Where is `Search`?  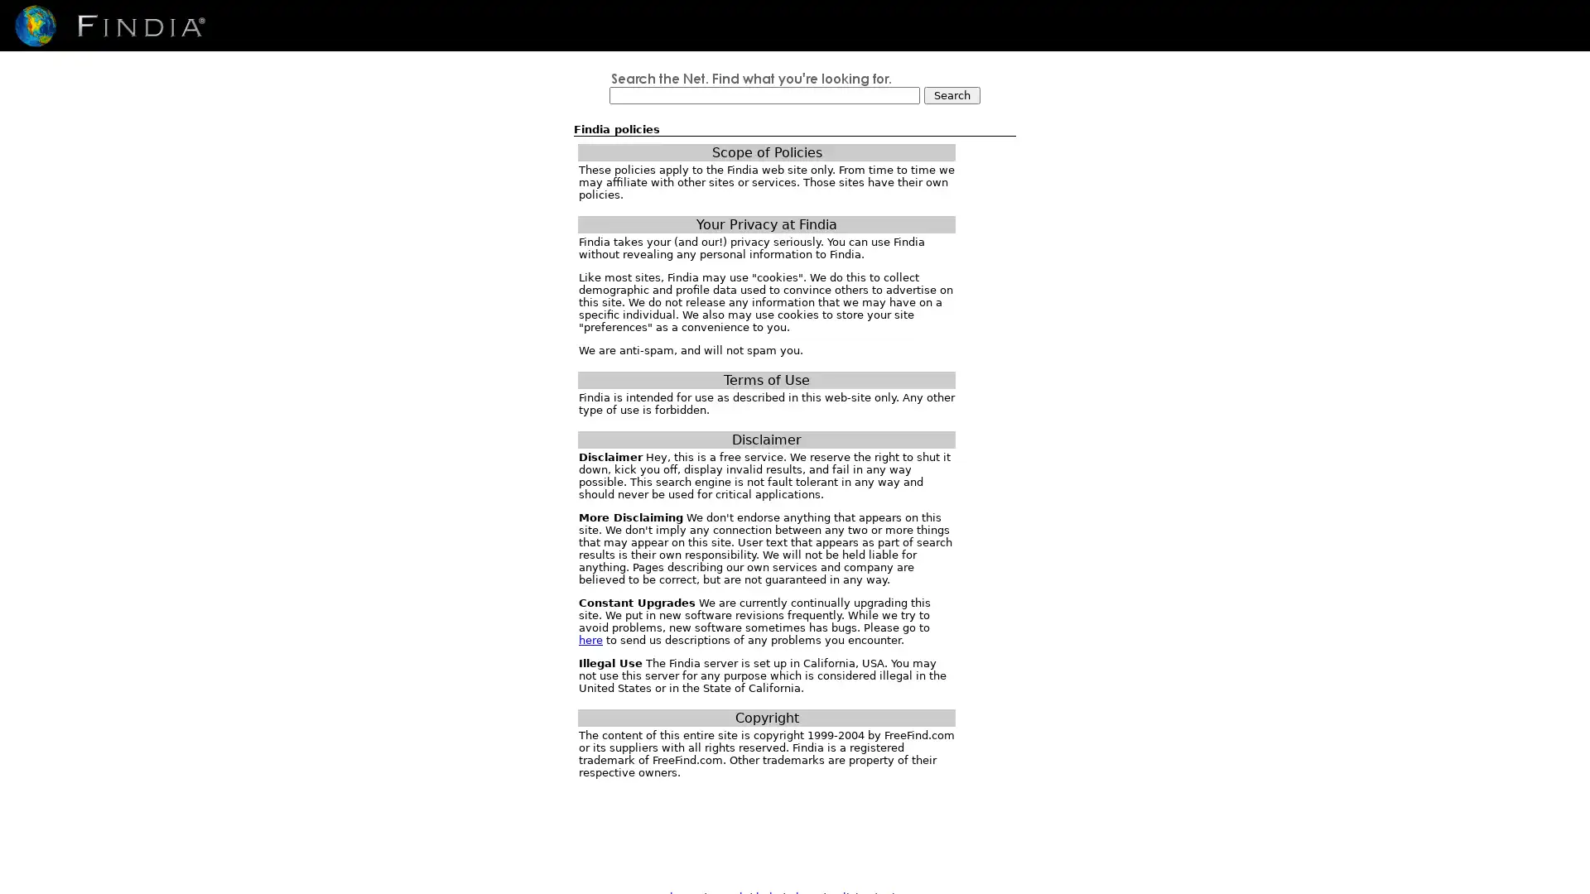 Search is located at coordinates (952, 95).